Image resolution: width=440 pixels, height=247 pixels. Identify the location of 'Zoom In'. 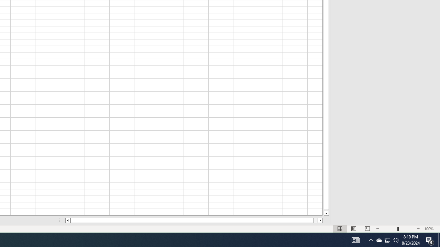
(418, 229).